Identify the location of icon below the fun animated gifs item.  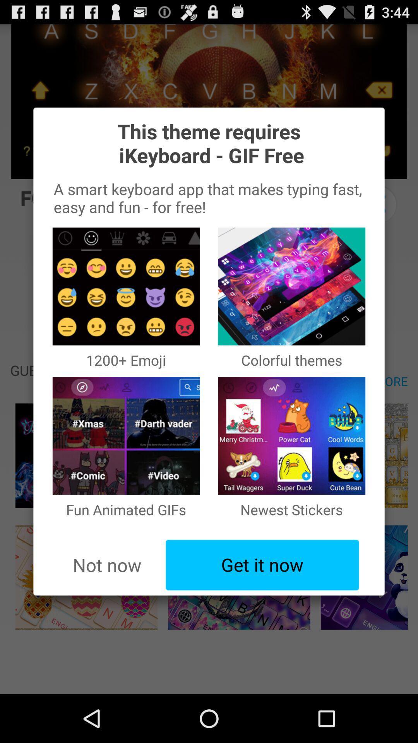
(262, 565).